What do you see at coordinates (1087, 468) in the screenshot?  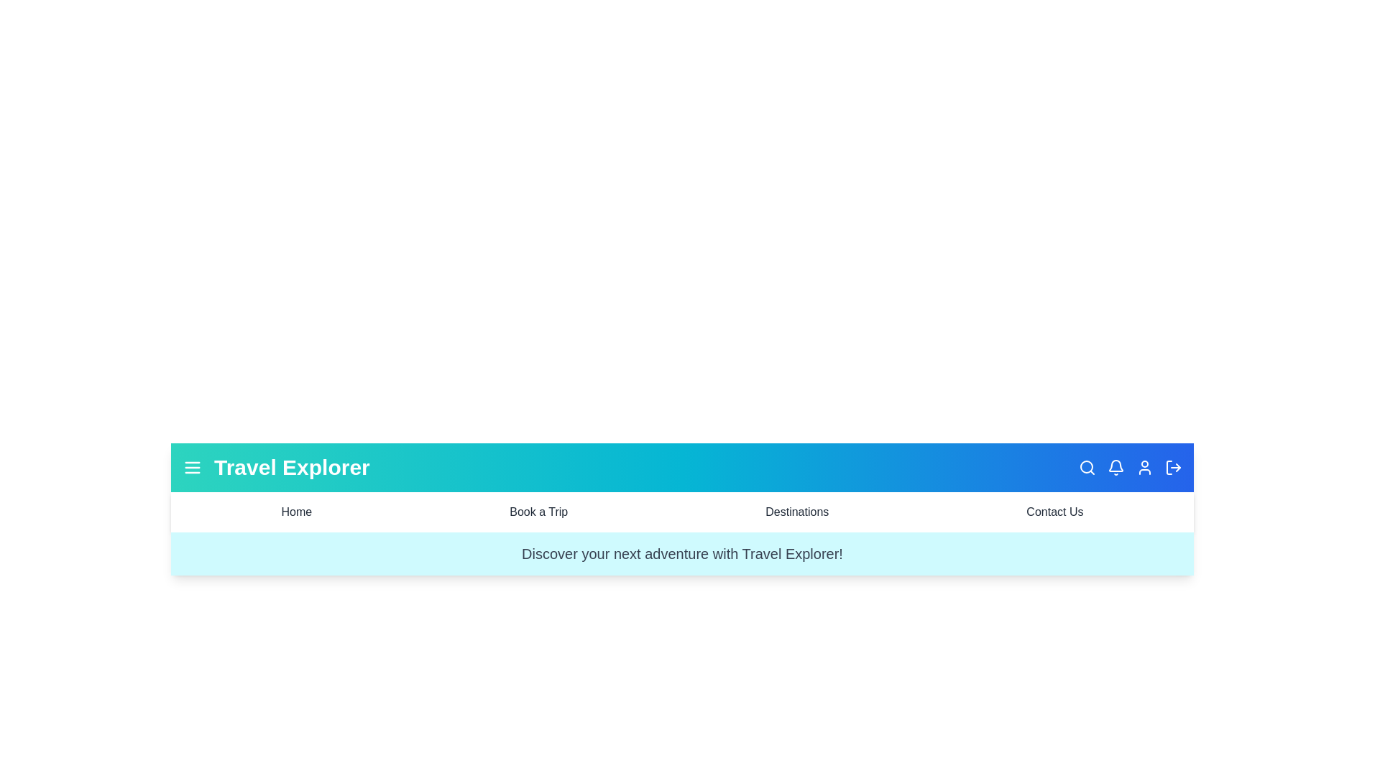 I see `the search icon in the app bar` at bounding box center [1087, 468].